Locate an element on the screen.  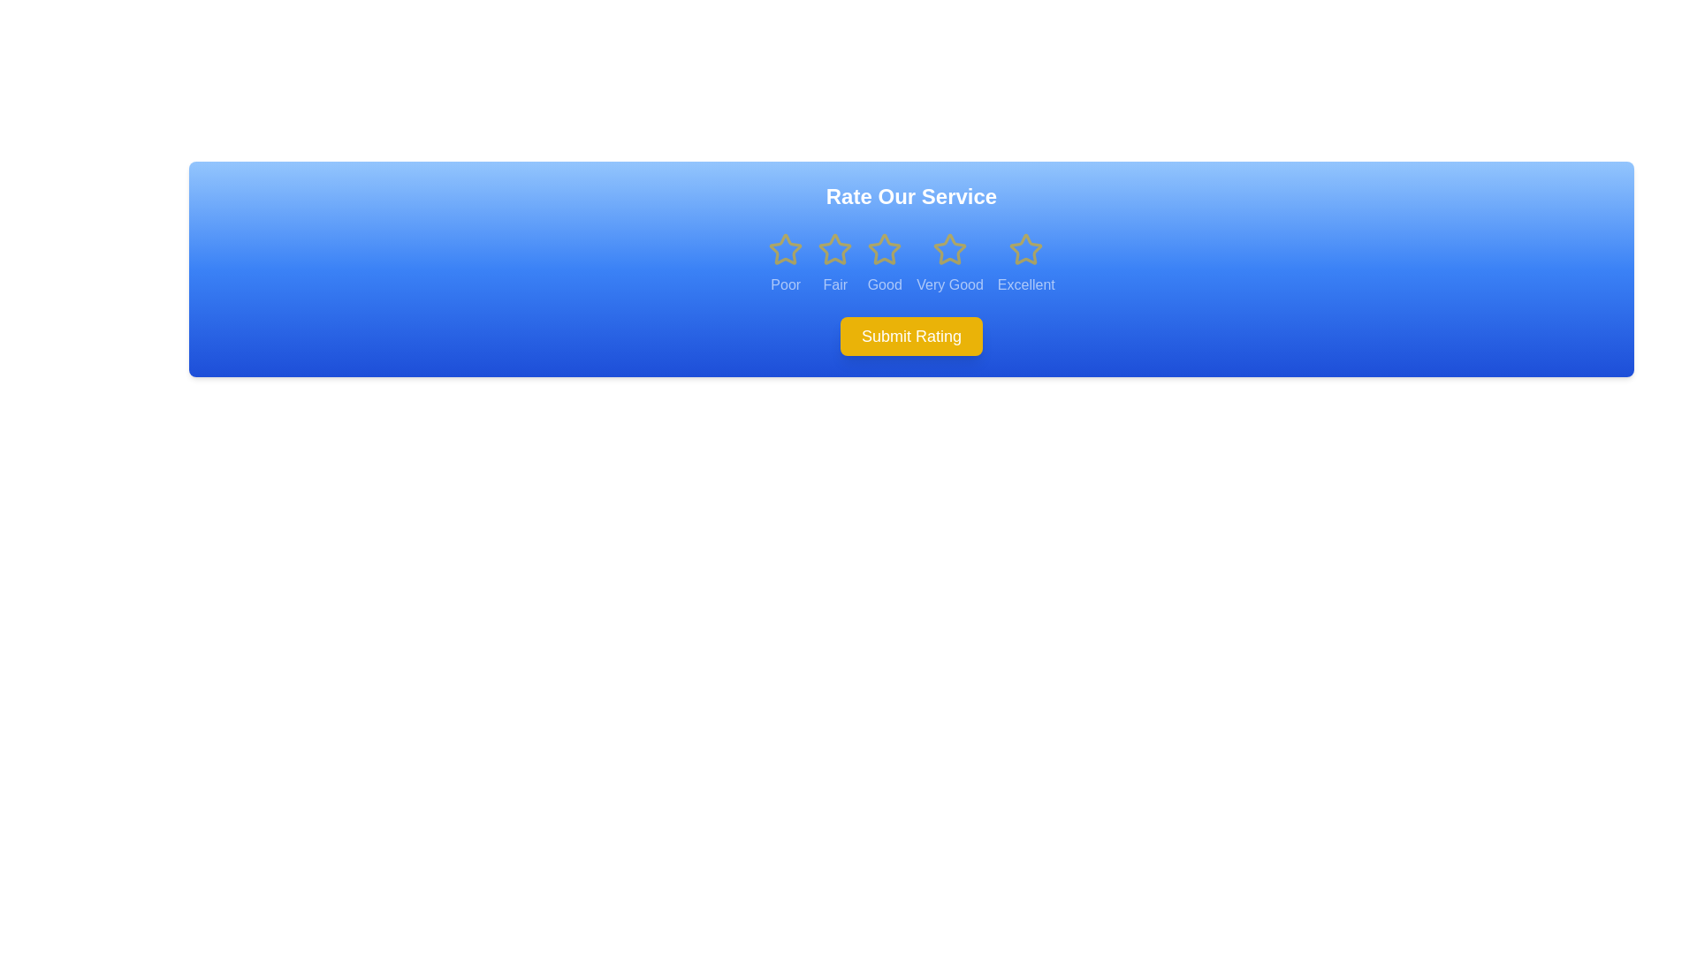
the fourth star-shaped rating icon above the text 'Very Good' is located at coordinates (949, 249).